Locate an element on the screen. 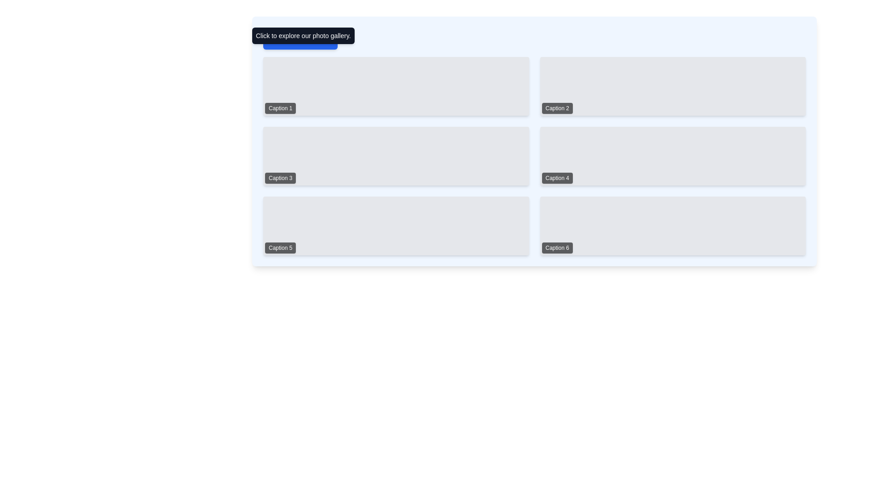 This screenshot has height=496, width=882. the sixth card in the grid layout is located at coordinates (673, 226).